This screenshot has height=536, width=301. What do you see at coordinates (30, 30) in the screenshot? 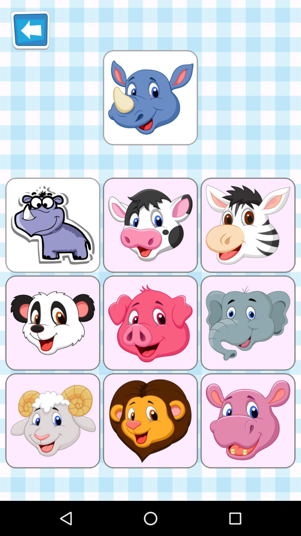
I see `the item at the top left corner` at bounding box center [30, 30].